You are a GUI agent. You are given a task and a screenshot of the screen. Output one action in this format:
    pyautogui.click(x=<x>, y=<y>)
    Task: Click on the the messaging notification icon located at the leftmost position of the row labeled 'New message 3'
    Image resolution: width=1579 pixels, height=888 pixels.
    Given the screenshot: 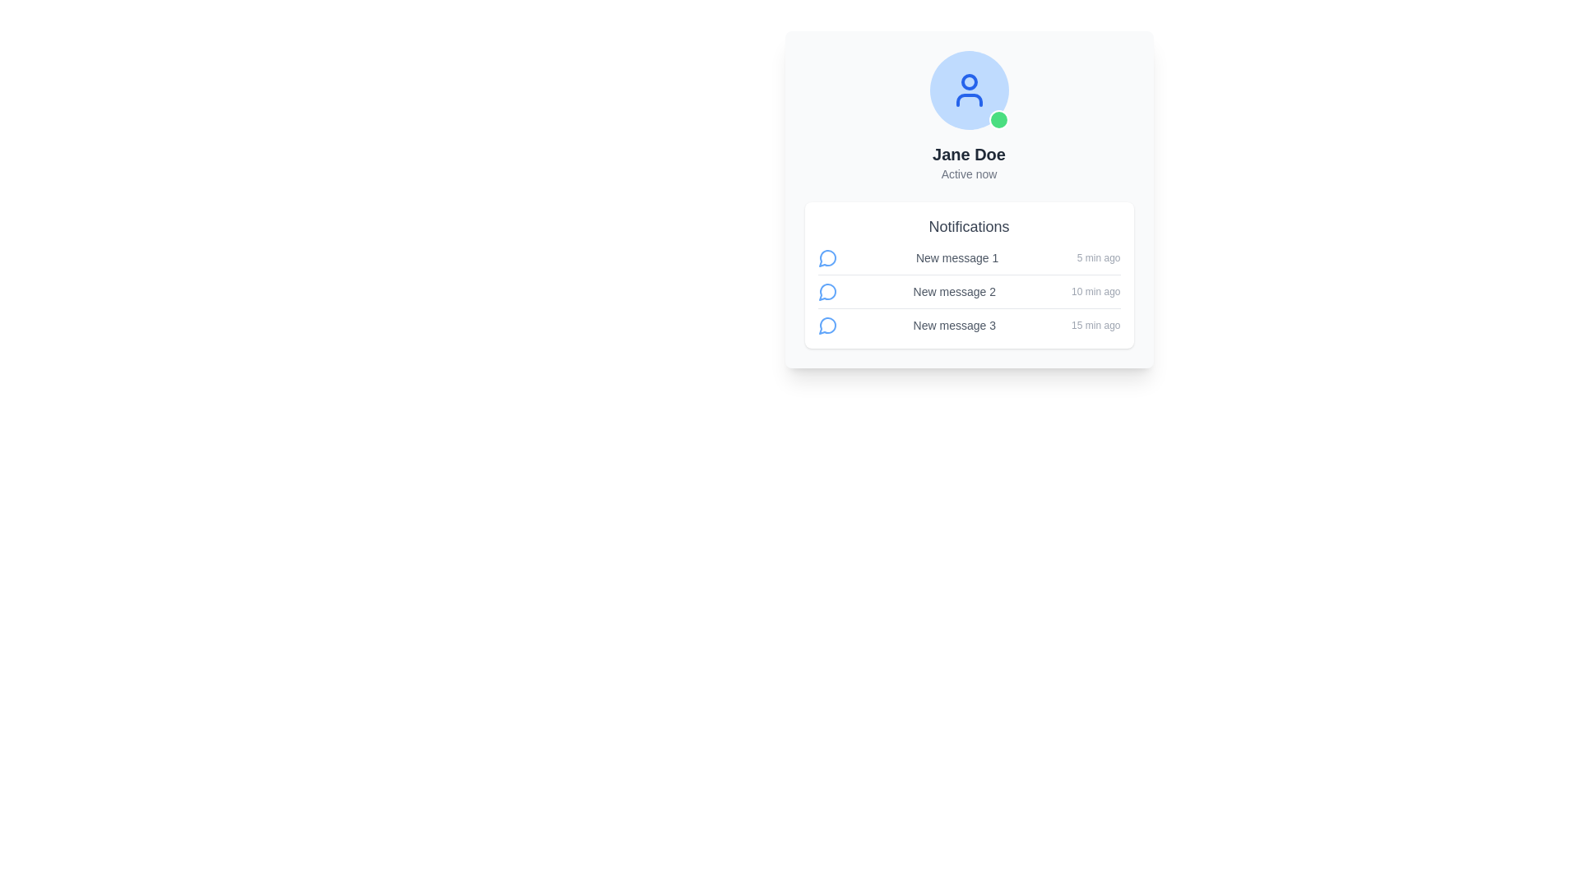 What is the action you would take?
    pyautogui.click(x=827, y=326)
    